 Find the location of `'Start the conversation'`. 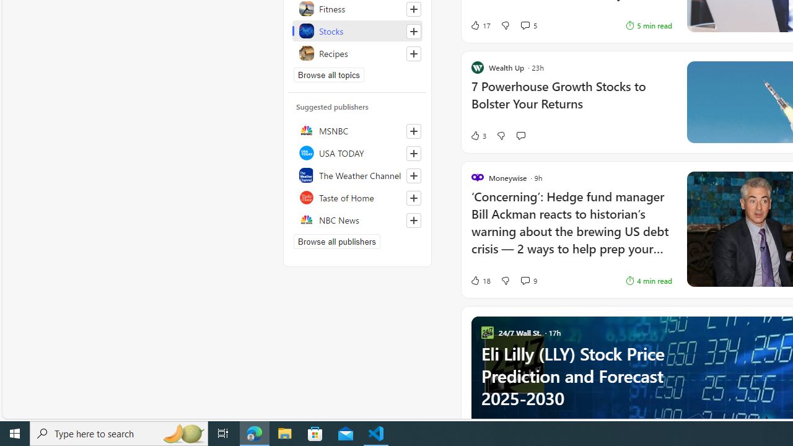

'Start the conversation' is located at coordinates (520, 135).